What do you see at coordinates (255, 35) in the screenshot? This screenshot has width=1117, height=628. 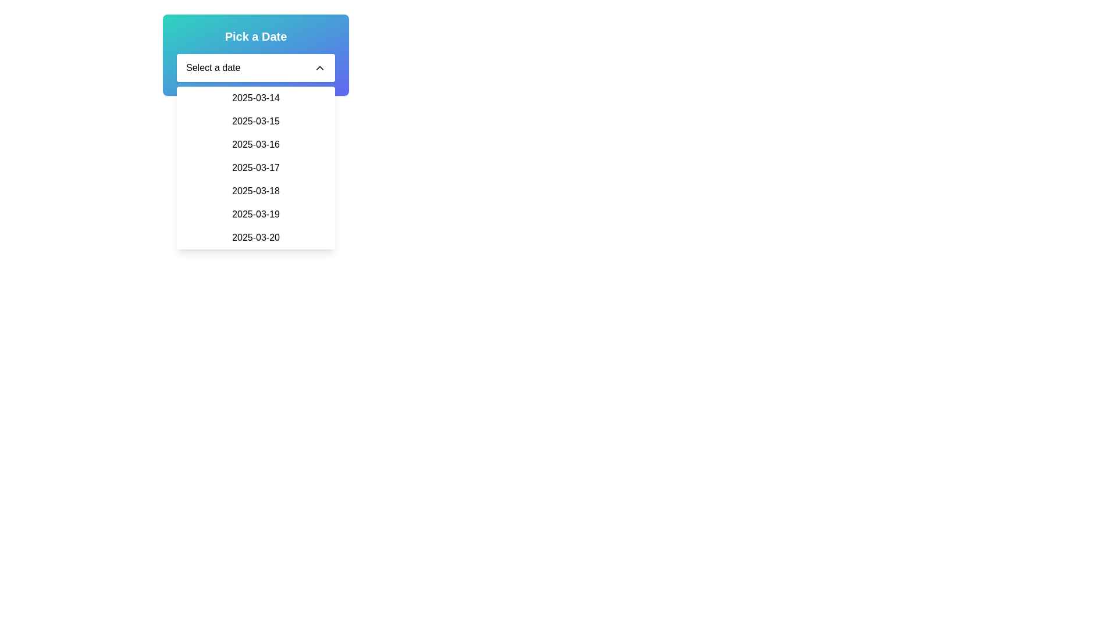 I see `the text label that serves as the header for selecting a date, located at the top-center of the section` at bounding box center [255, 35].